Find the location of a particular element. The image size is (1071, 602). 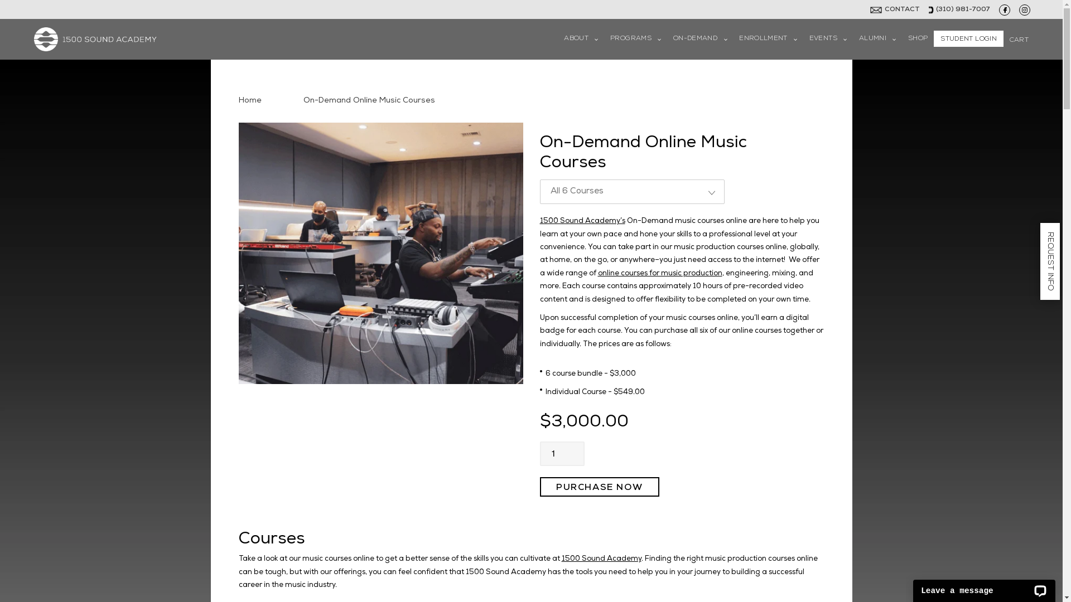

'STUDENT LOGIN' is located at coordinates (968, 38).